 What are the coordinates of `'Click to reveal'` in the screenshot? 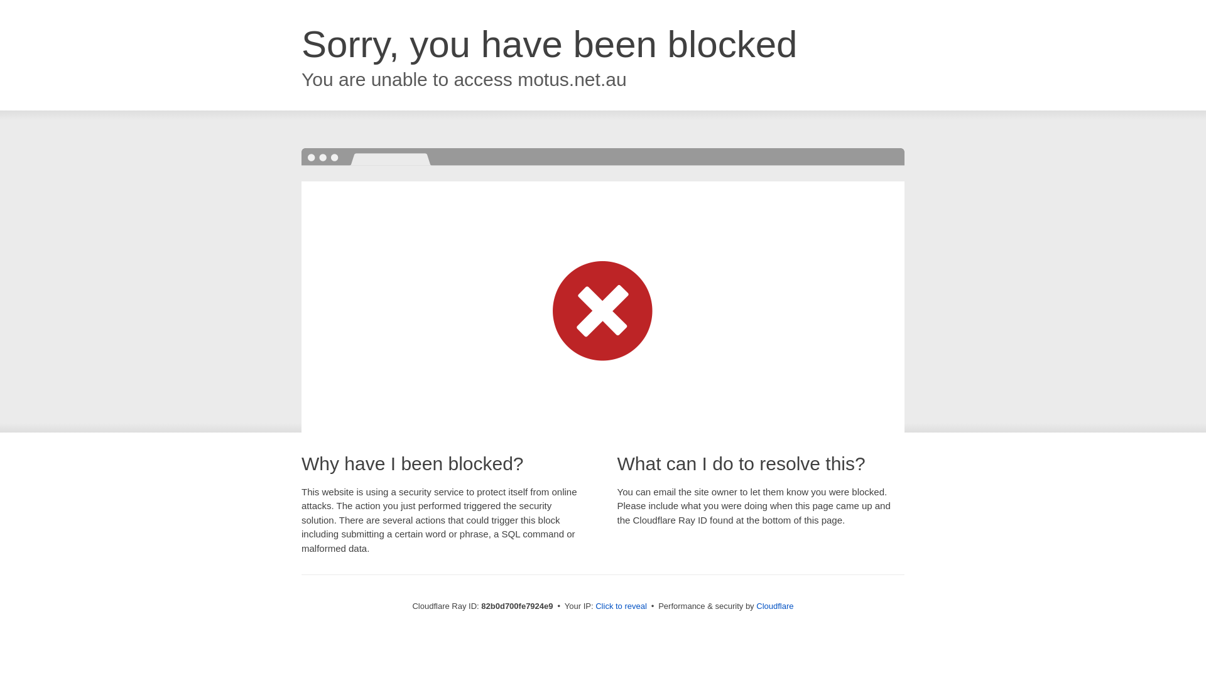 It's located at (621, 605).